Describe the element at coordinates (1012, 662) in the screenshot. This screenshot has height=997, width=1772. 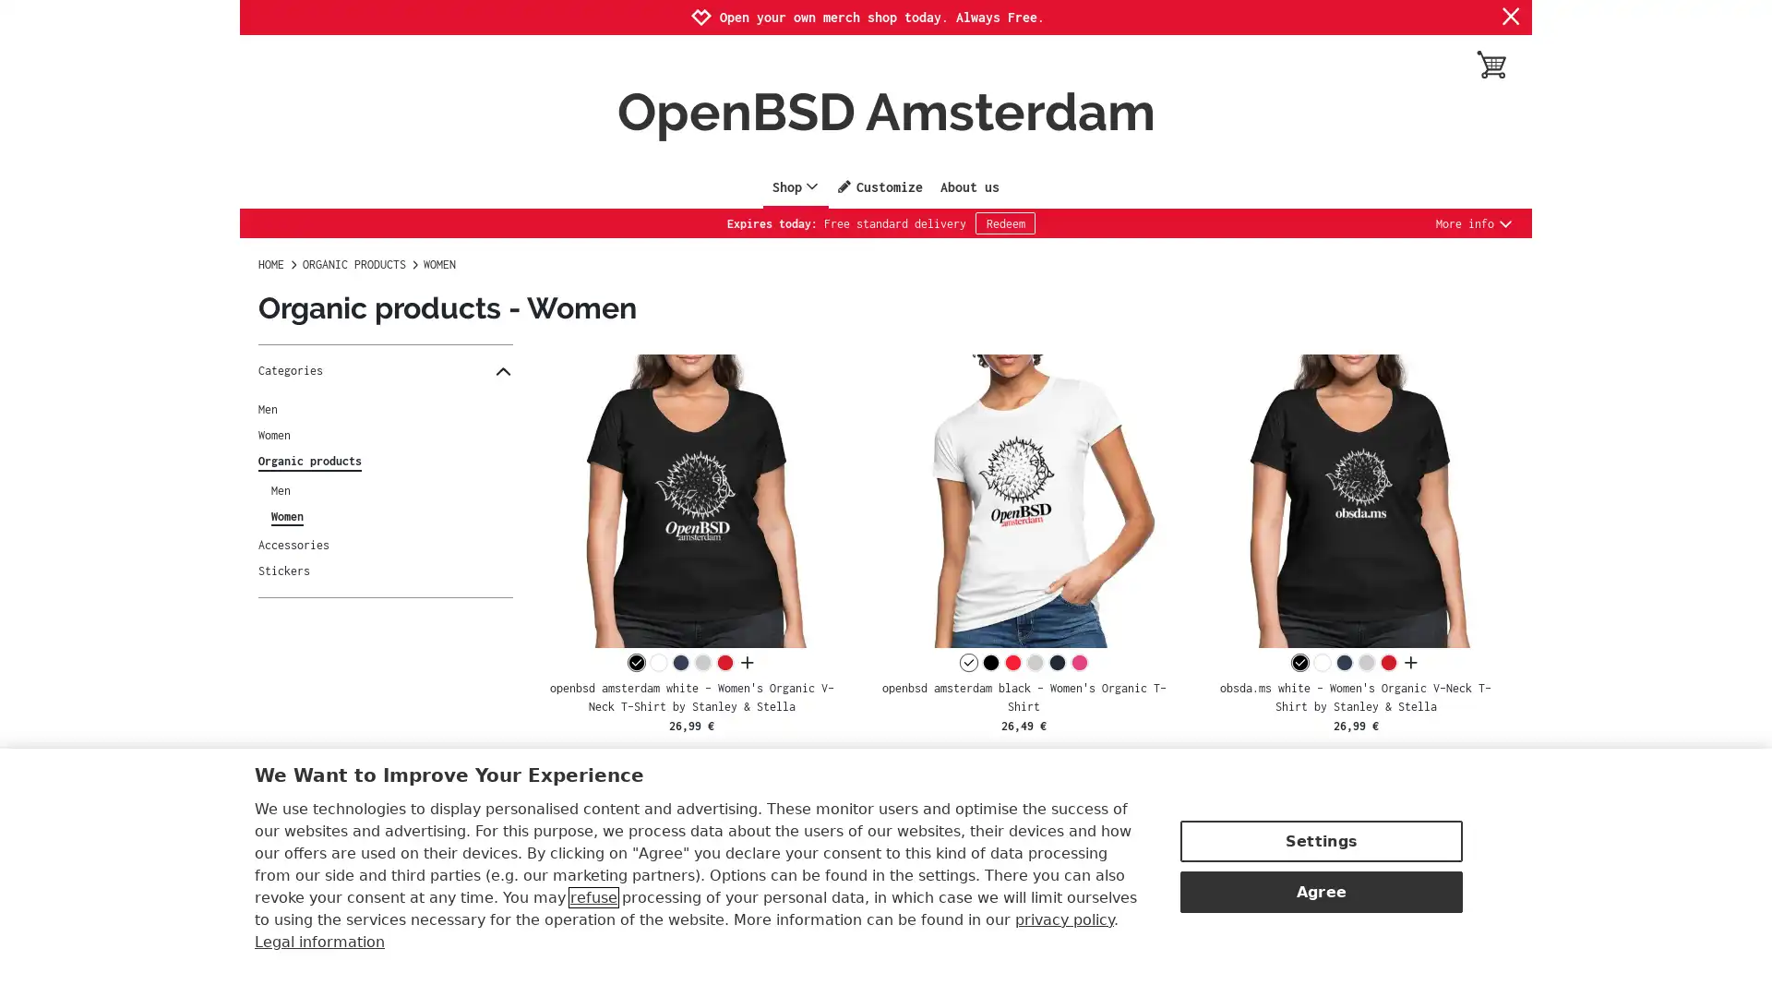
I see `red` at that location.